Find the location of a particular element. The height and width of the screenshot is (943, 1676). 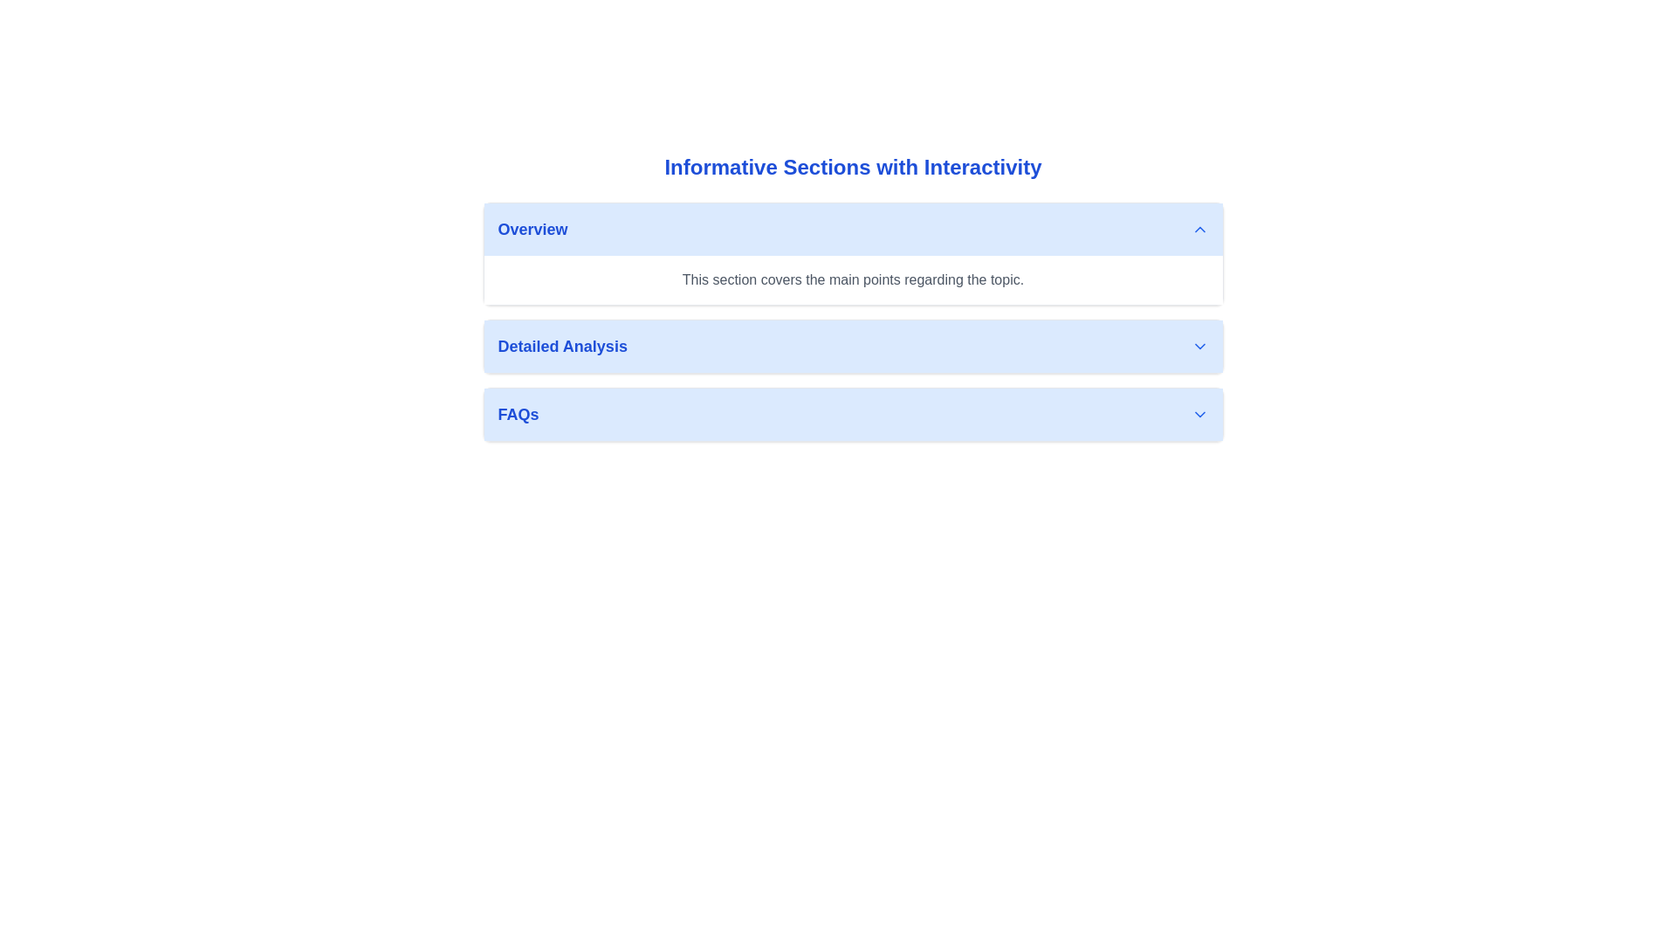

the blue, bold, large text labeled 'Detailed Analysis' is located at coordinates (562, 347).